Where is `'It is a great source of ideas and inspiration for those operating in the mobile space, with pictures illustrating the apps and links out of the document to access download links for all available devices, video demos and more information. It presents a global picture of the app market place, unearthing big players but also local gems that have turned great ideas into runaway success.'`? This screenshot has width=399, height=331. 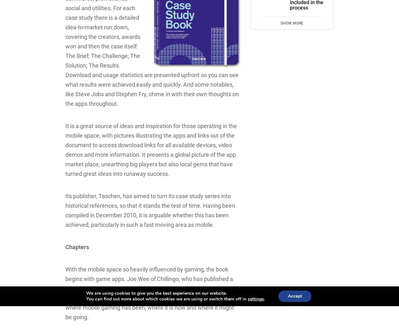
'It is a great source of ideas and inspiration for those operating in the mobile space, with pictures illustrating the apps and links out of the document to access download links for all available devices, video demos and more information. It presents a global picture of the app market place, unearthing big players but also local gems that have turned great ideas into runaway success.' is located at coordinates (151, 149).